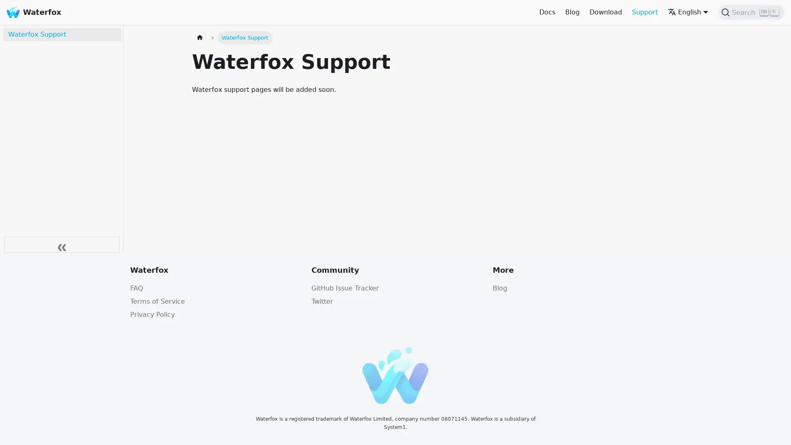 This screenshot has width=791, height=445. Describe the element at coordinates (61, 244) in the screenshot. I see `Collapse sidebar` at that location.